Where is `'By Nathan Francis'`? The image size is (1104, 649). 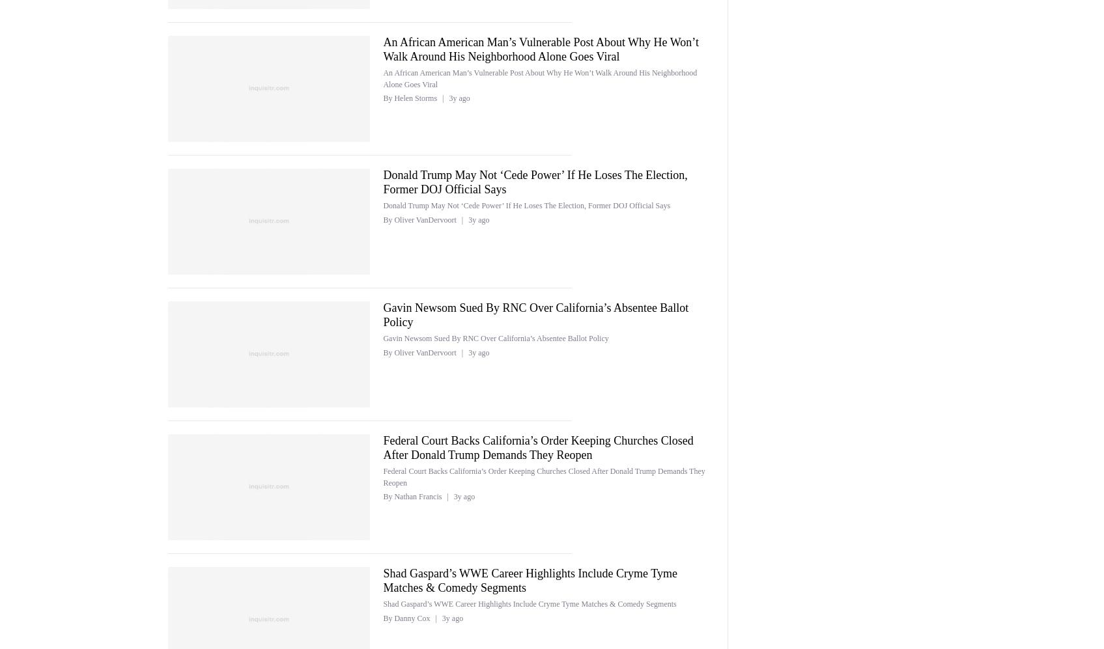 'By Nathan Francis' is located at coordinates (412, 497).